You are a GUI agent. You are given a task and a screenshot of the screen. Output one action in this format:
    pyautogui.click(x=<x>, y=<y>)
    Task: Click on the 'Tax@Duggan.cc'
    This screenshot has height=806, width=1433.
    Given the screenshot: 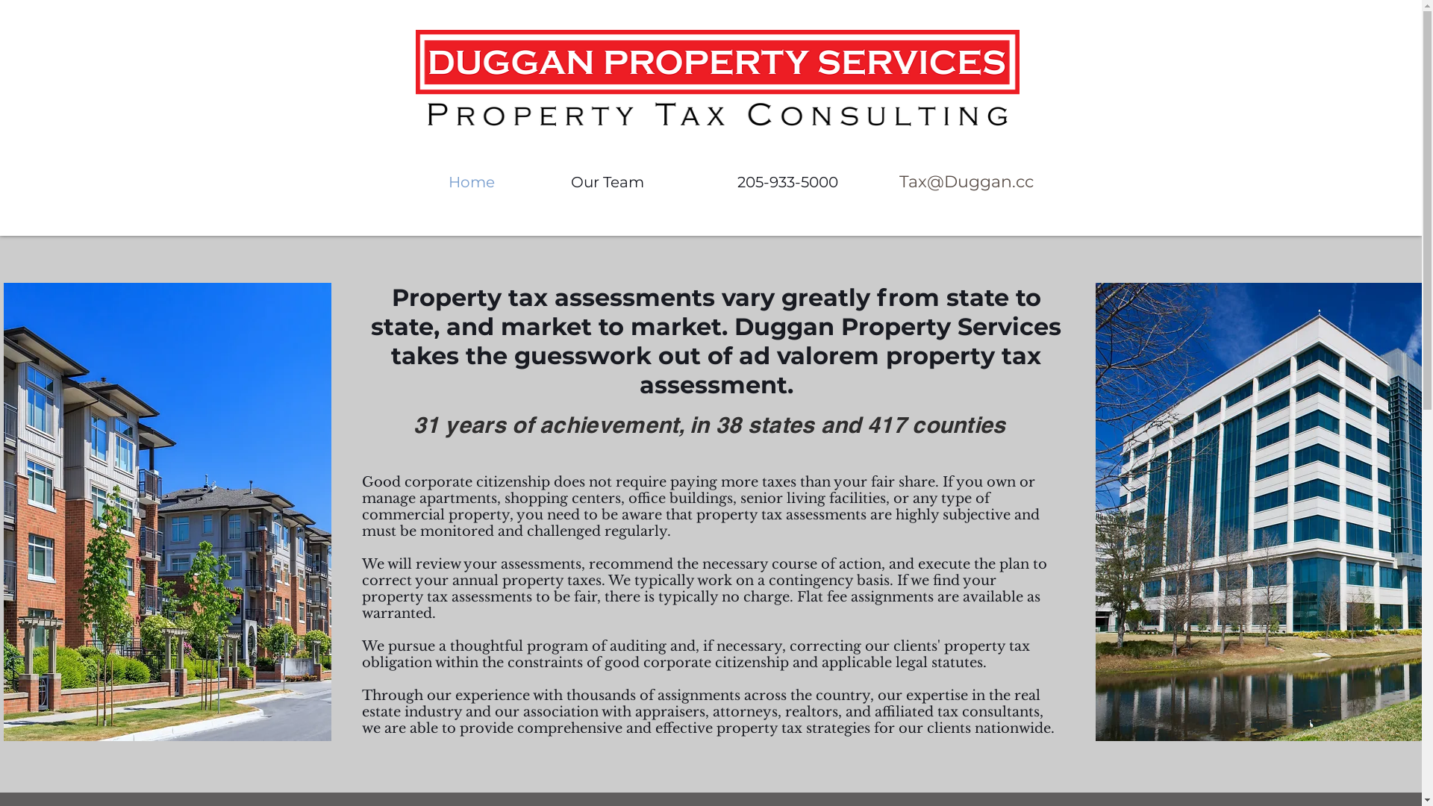 What is the action you would take?
    pyautogui.click(x=966, y=181)
    